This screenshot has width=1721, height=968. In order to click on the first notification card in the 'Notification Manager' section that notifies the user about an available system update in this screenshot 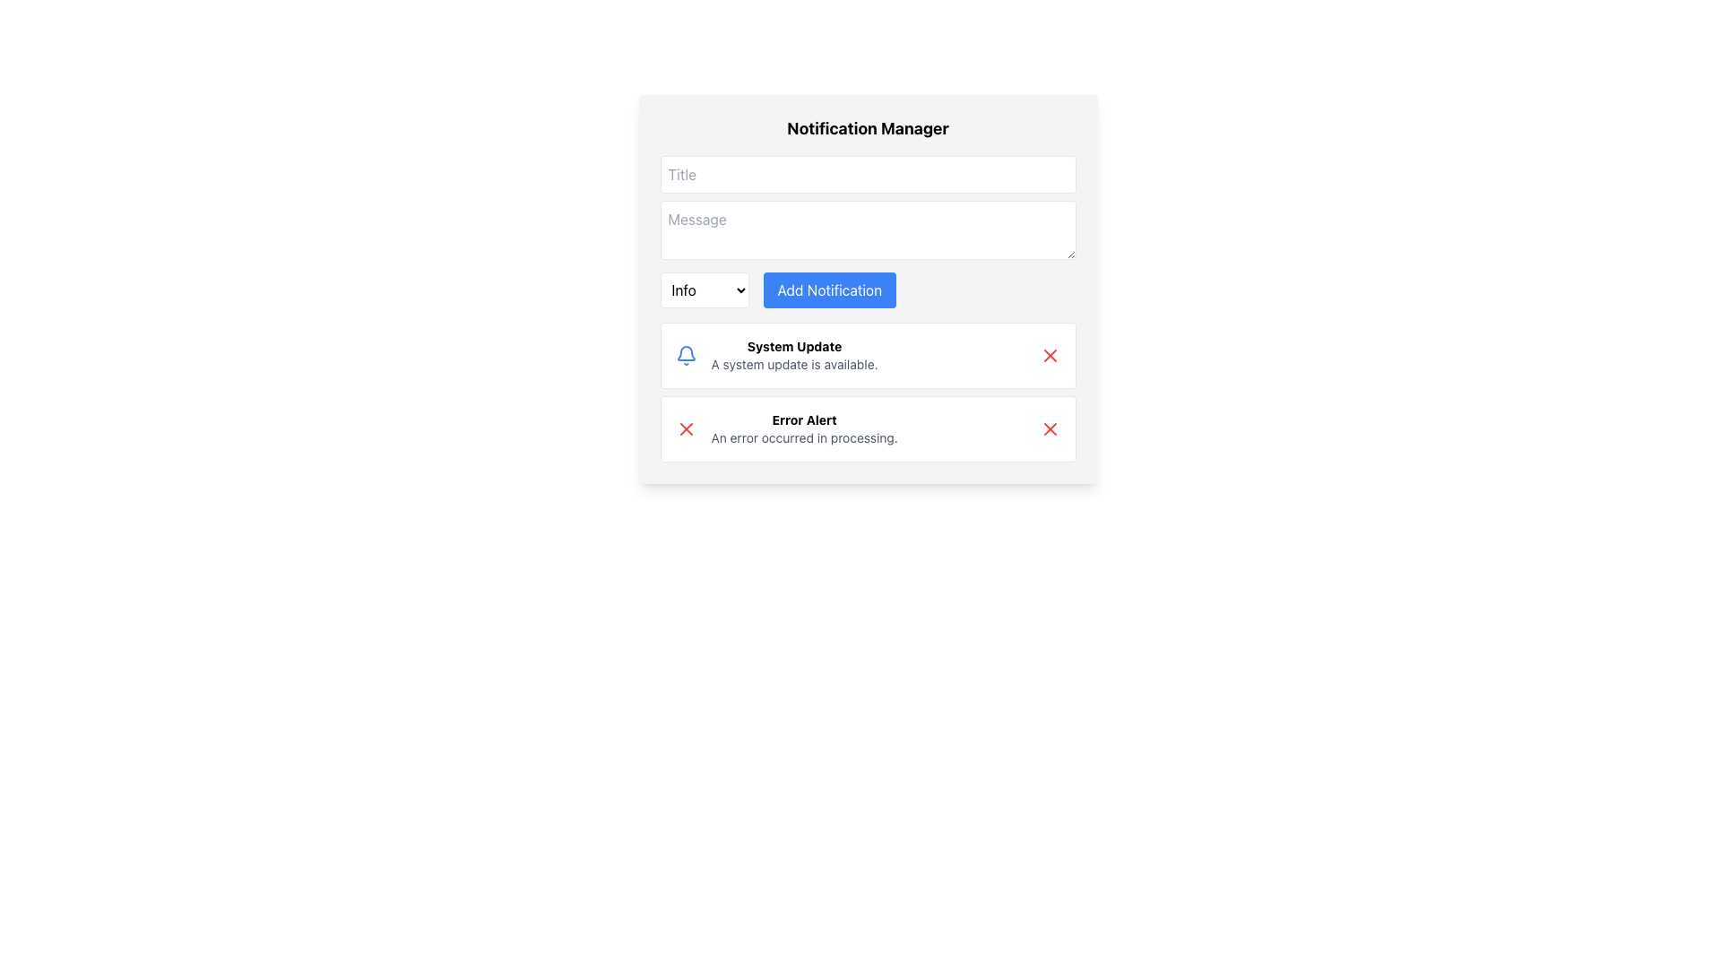, I will do `click(776, 356)`.